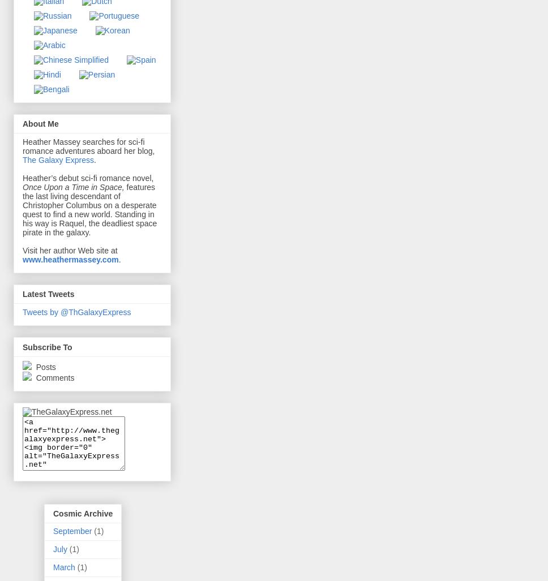 The height and width of the screenshot is (581, 548). Describe the element at coordinates (82, 513) in the screenshot. I see `'Cosmic Archive'` at that location.